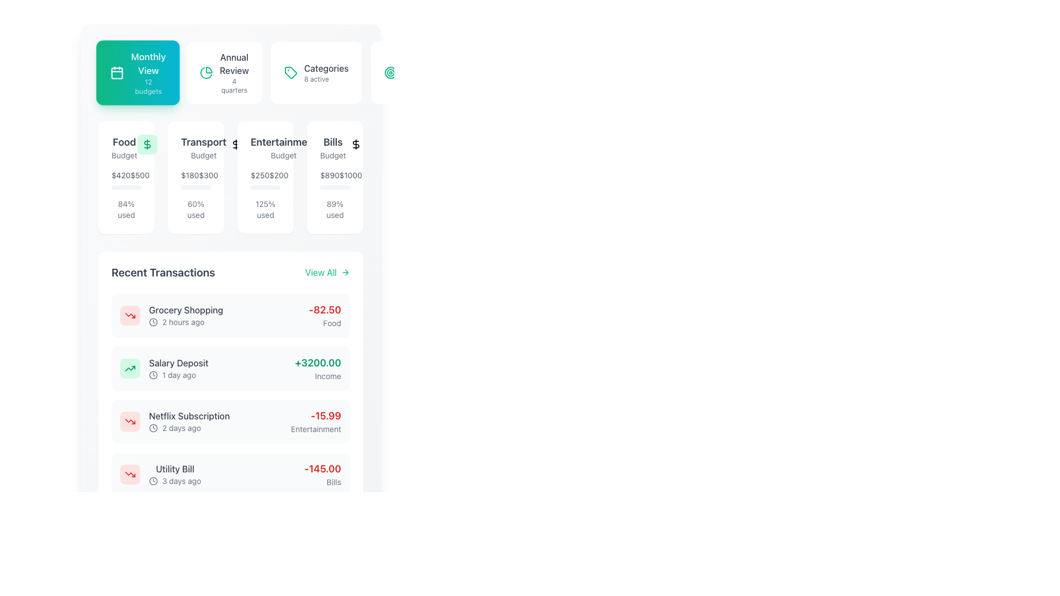 The image size is (1060, 596). What do you see at coordinates (126, 177) in the screenshot?
I see `the budget information card that displays current expenditure, total budget, and percentage used, located in the top-left corner of the grid layout` at bounding box center [126, 177].